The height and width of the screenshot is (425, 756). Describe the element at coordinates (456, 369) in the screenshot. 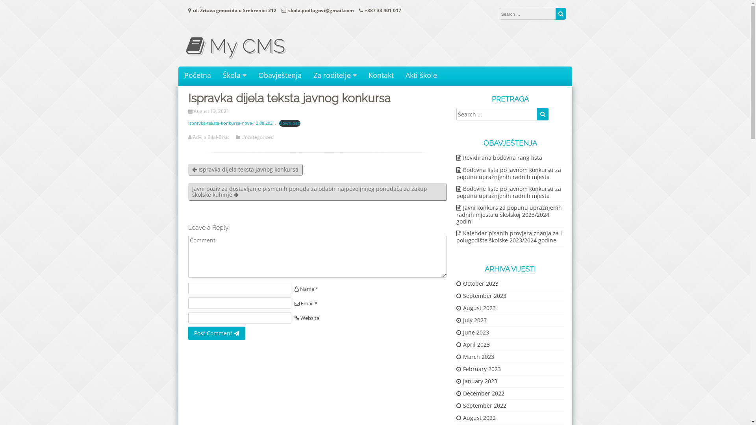

I see `'February 2023'` at that location.